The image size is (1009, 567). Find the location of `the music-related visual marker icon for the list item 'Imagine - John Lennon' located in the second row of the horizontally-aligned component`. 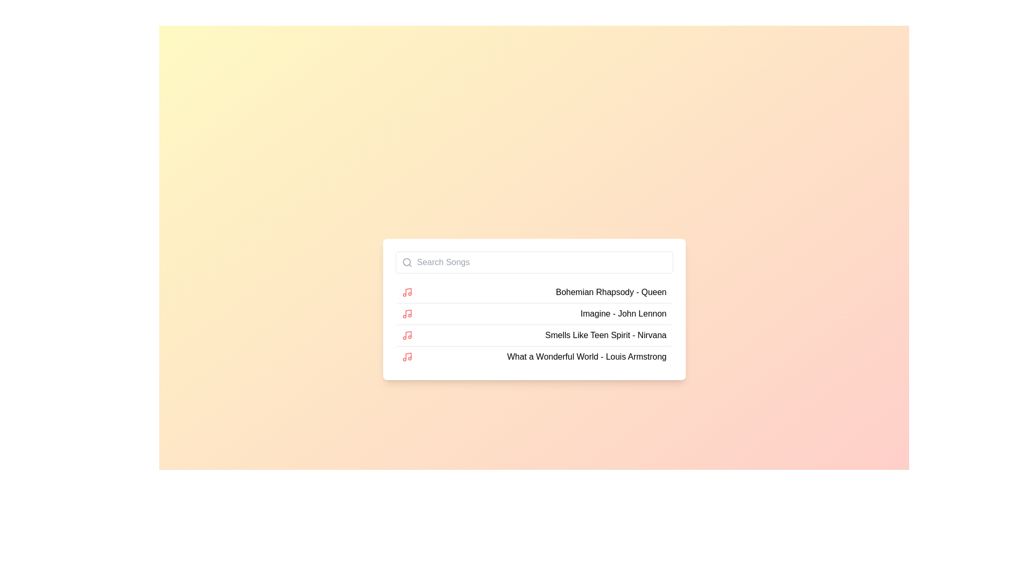

the music-related visual marker icon for the list item 'Imagine - John Lennon' located in the second row of the horizontally-aligned component is located at coordinates (406, 313).